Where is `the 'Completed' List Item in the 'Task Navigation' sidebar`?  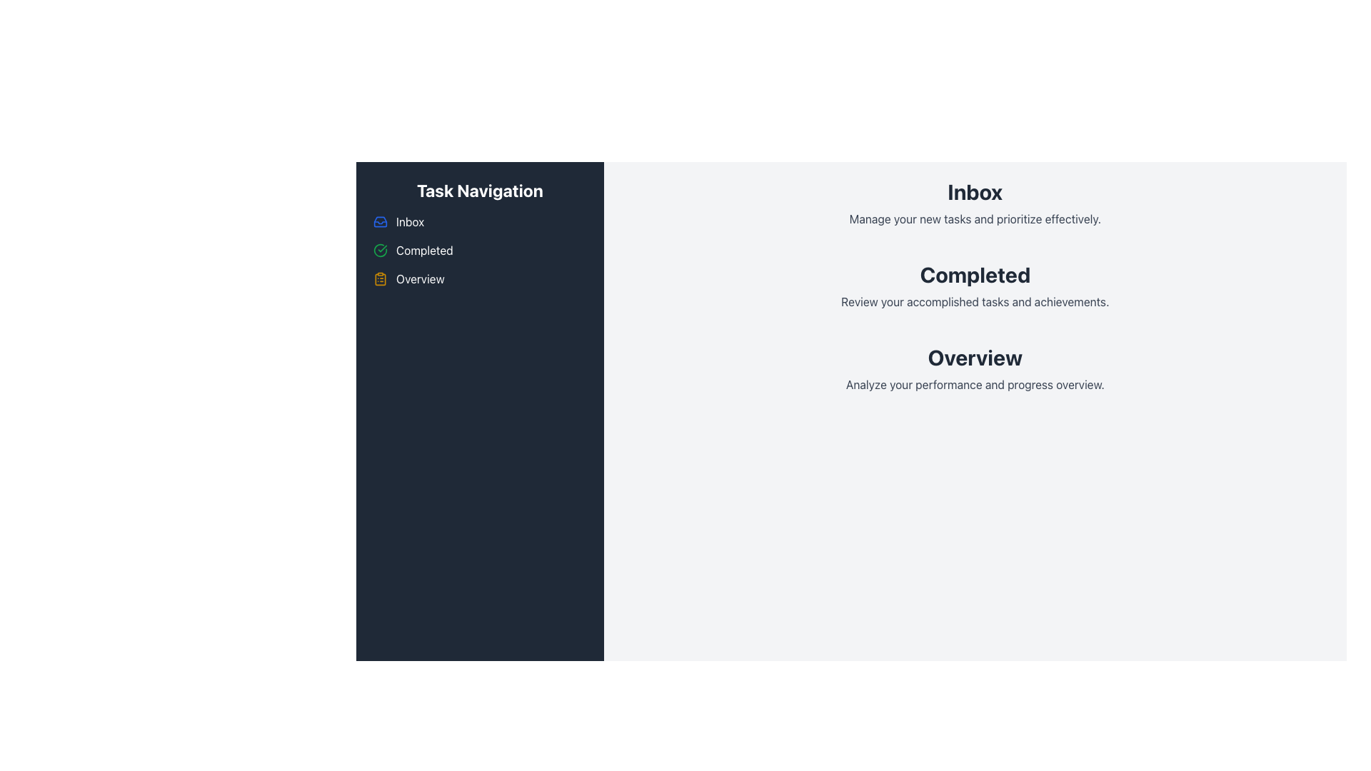 the 'Completed' List Item in the 'Task Navigation' sidebar is located at coordinates (480, 250).